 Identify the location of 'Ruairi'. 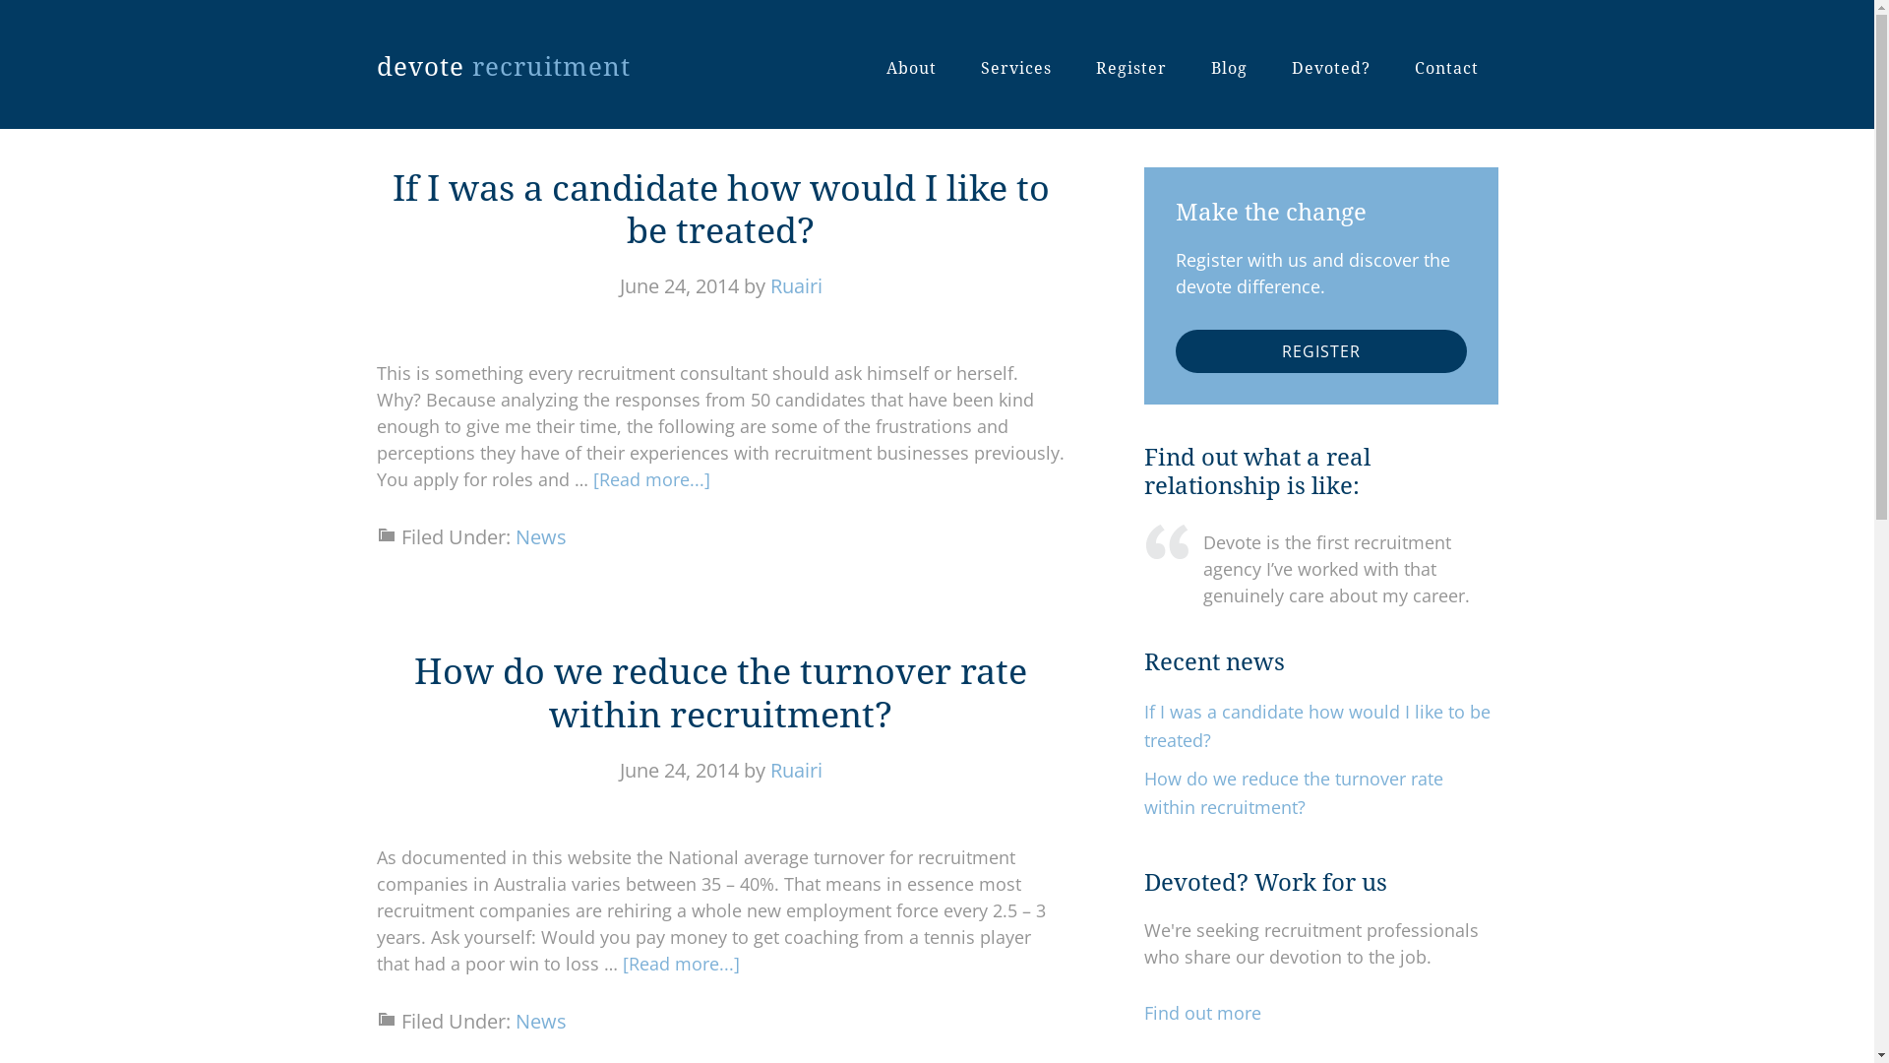
(795, 285).